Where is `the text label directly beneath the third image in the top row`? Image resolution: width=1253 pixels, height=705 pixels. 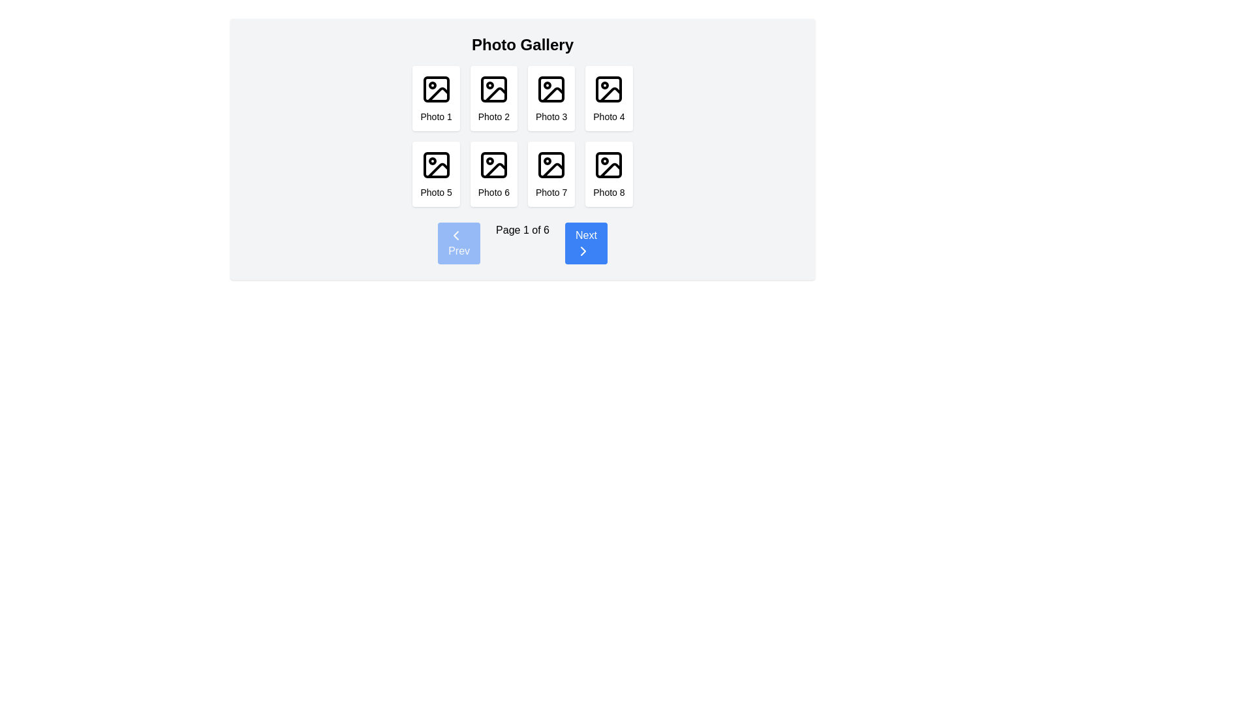 the text label directly beneath the third image in the top row is located at coordinates (551, 116).